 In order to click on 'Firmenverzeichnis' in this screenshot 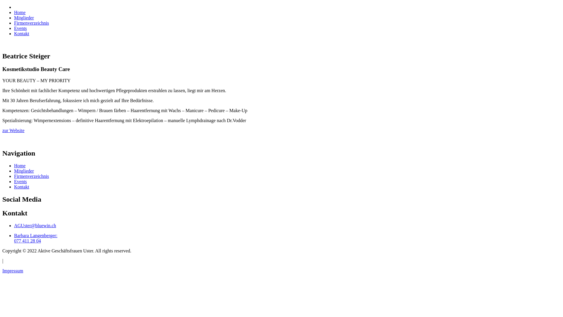, I will do `click(31, 23)`.